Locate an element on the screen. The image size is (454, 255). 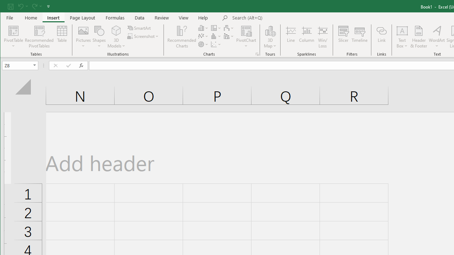
'Text Box' is located at coordinates (402, 37).